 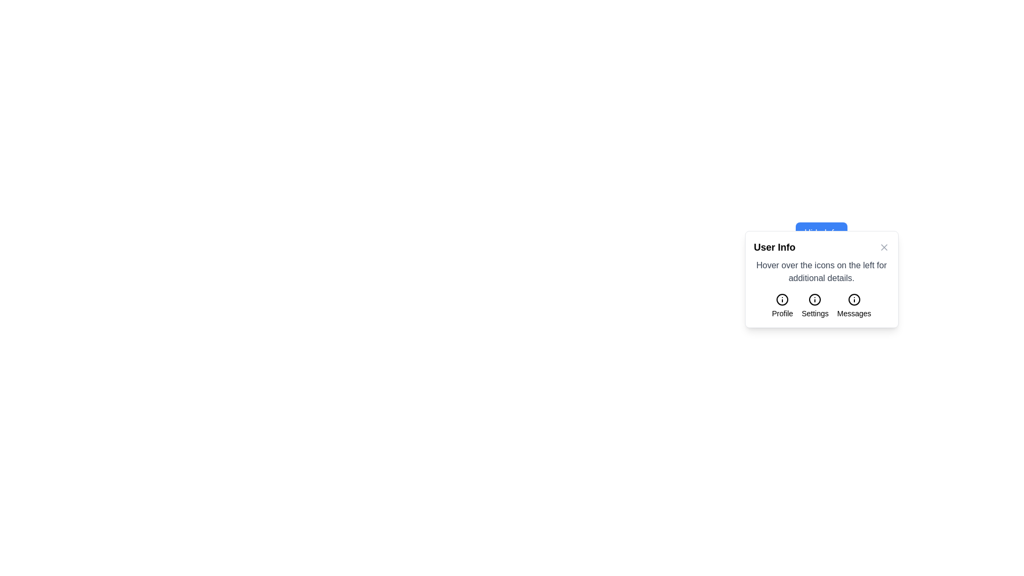 What do you see at coordinates (774, 247) in the screenshot?
I see `the title text label that serves as a heading in the upper corner of the popup-style box` at bounding box center [774, 247].